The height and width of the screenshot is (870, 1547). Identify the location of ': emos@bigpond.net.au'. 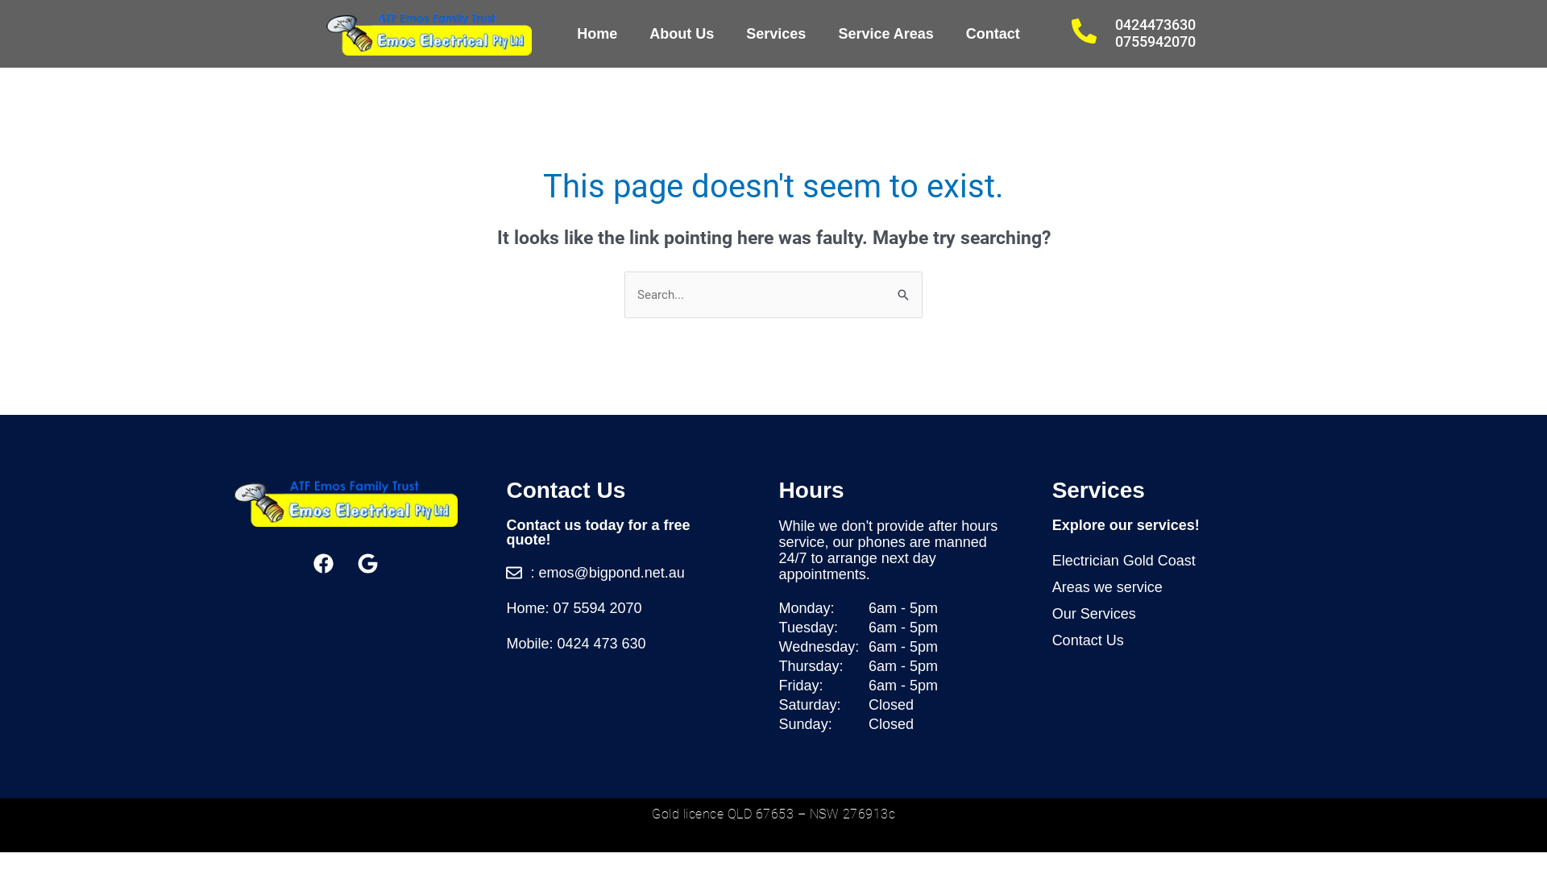
(617, 571).